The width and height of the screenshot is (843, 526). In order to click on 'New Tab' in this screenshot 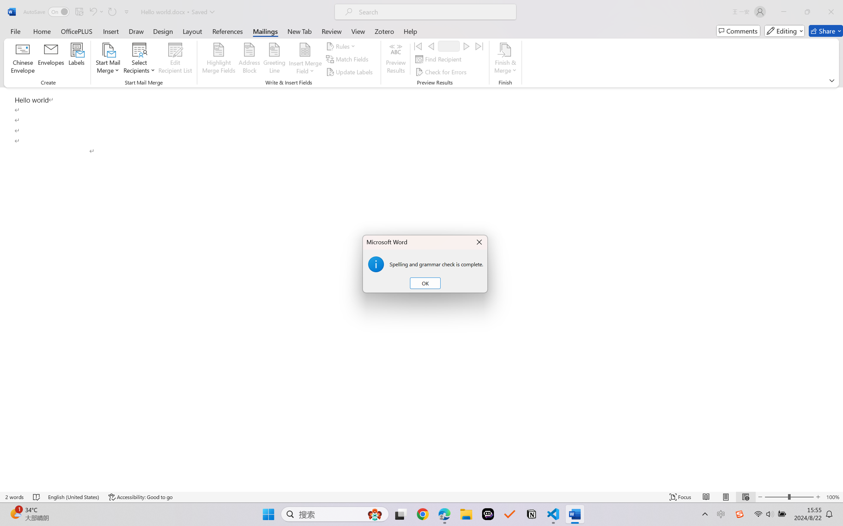, I will do `click(299, 31)`.